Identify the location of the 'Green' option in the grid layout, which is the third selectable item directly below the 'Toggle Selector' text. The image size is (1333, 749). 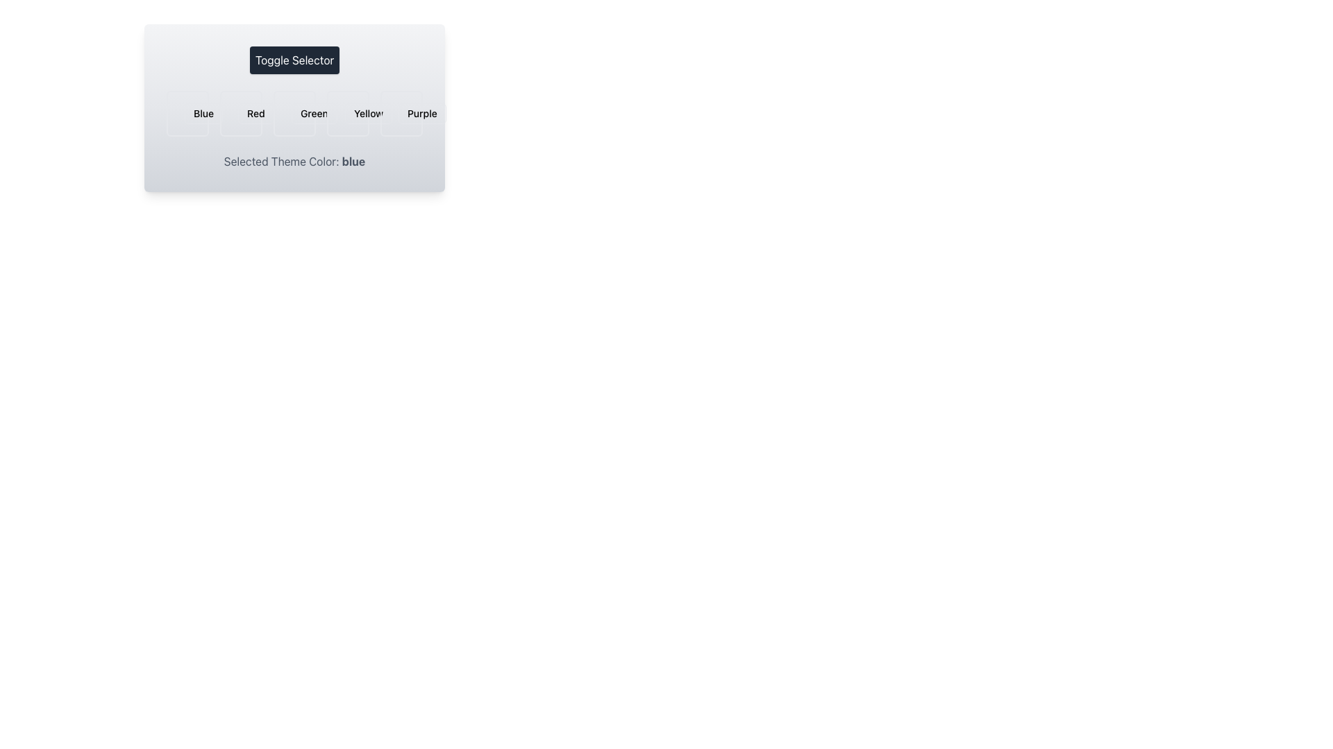
(294, 113).